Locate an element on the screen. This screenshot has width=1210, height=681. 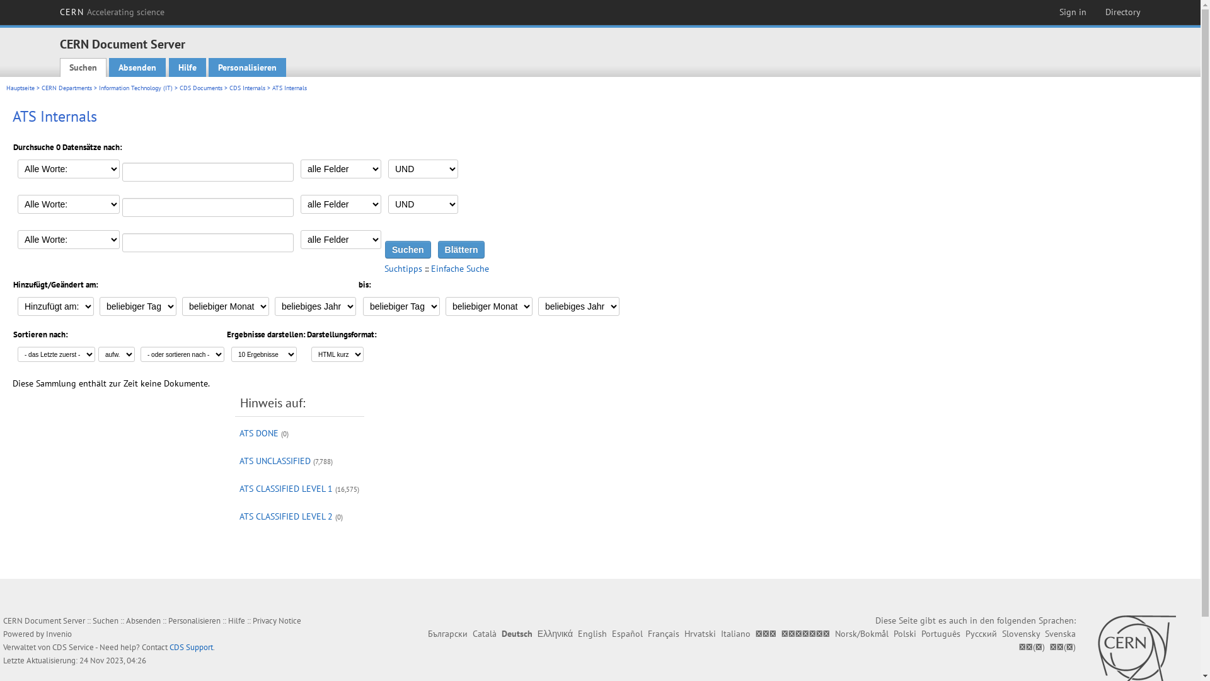
'CERN Document Server' is located at coordinates (122, 43).